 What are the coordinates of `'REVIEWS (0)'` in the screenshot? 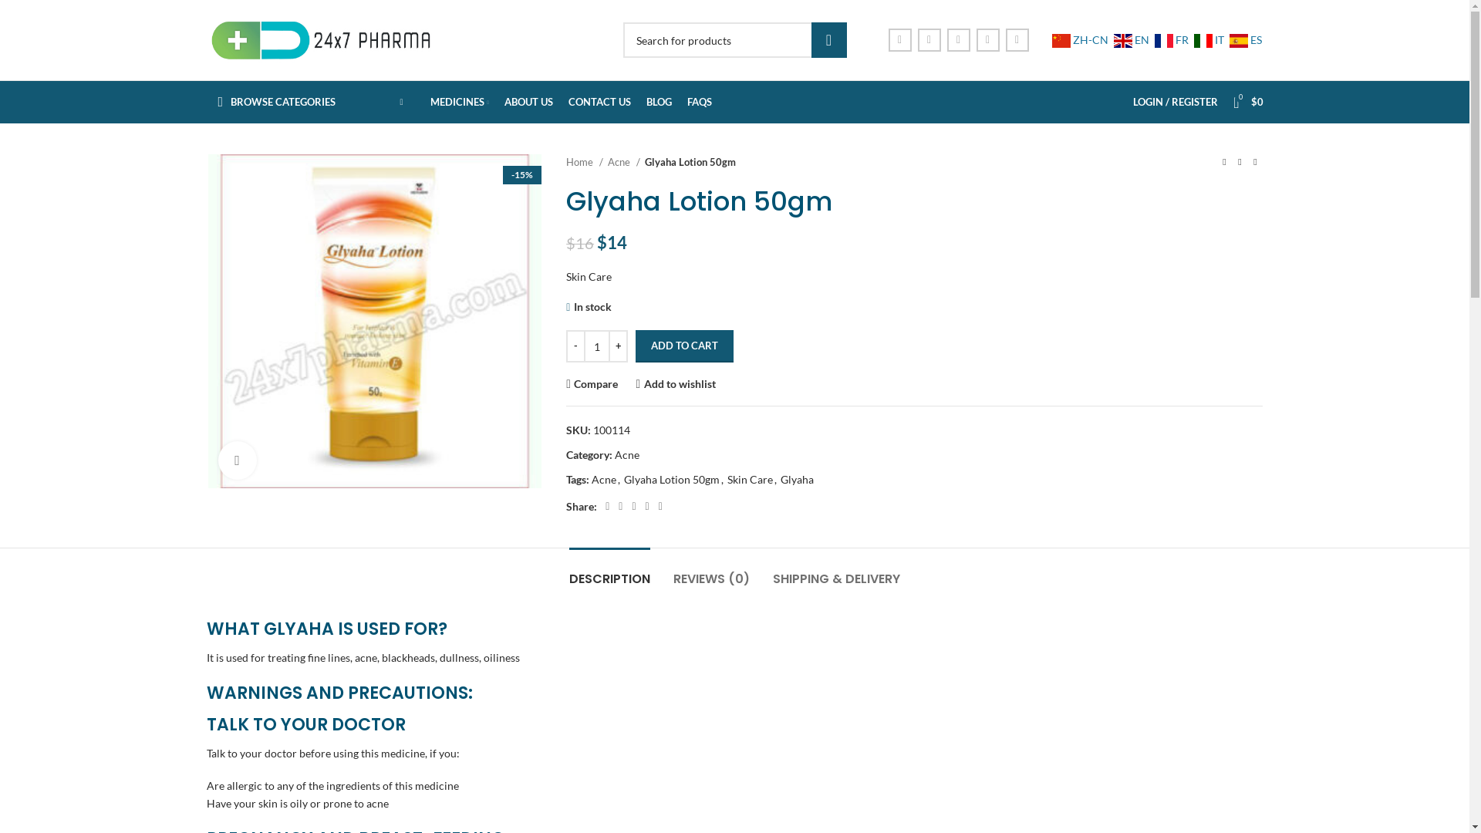 It's located at (710, 571).